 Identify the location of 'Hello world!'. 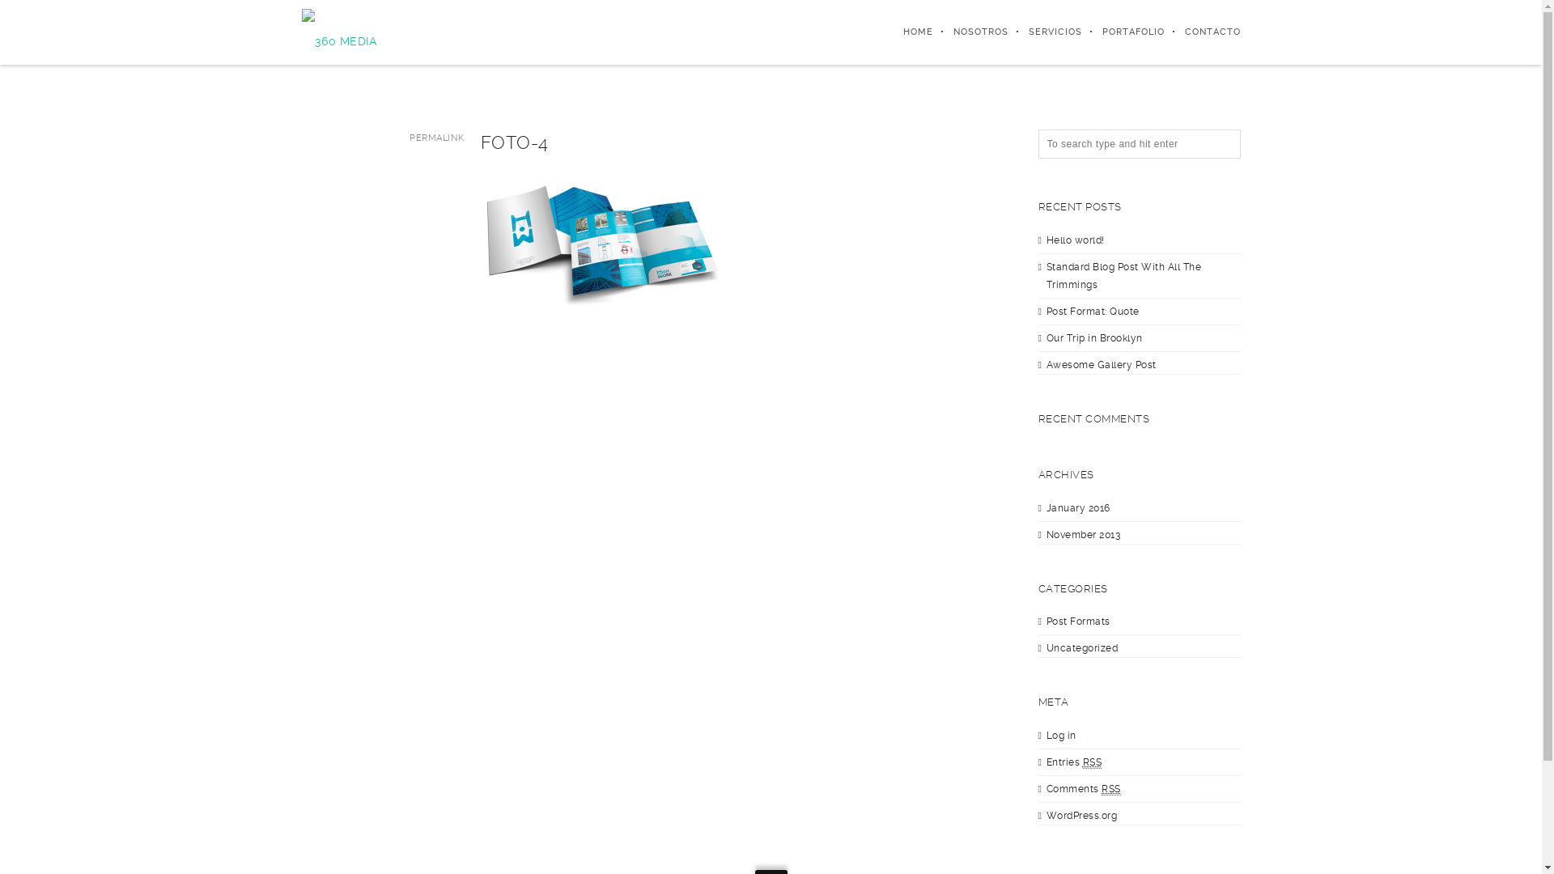
(1075, 240).